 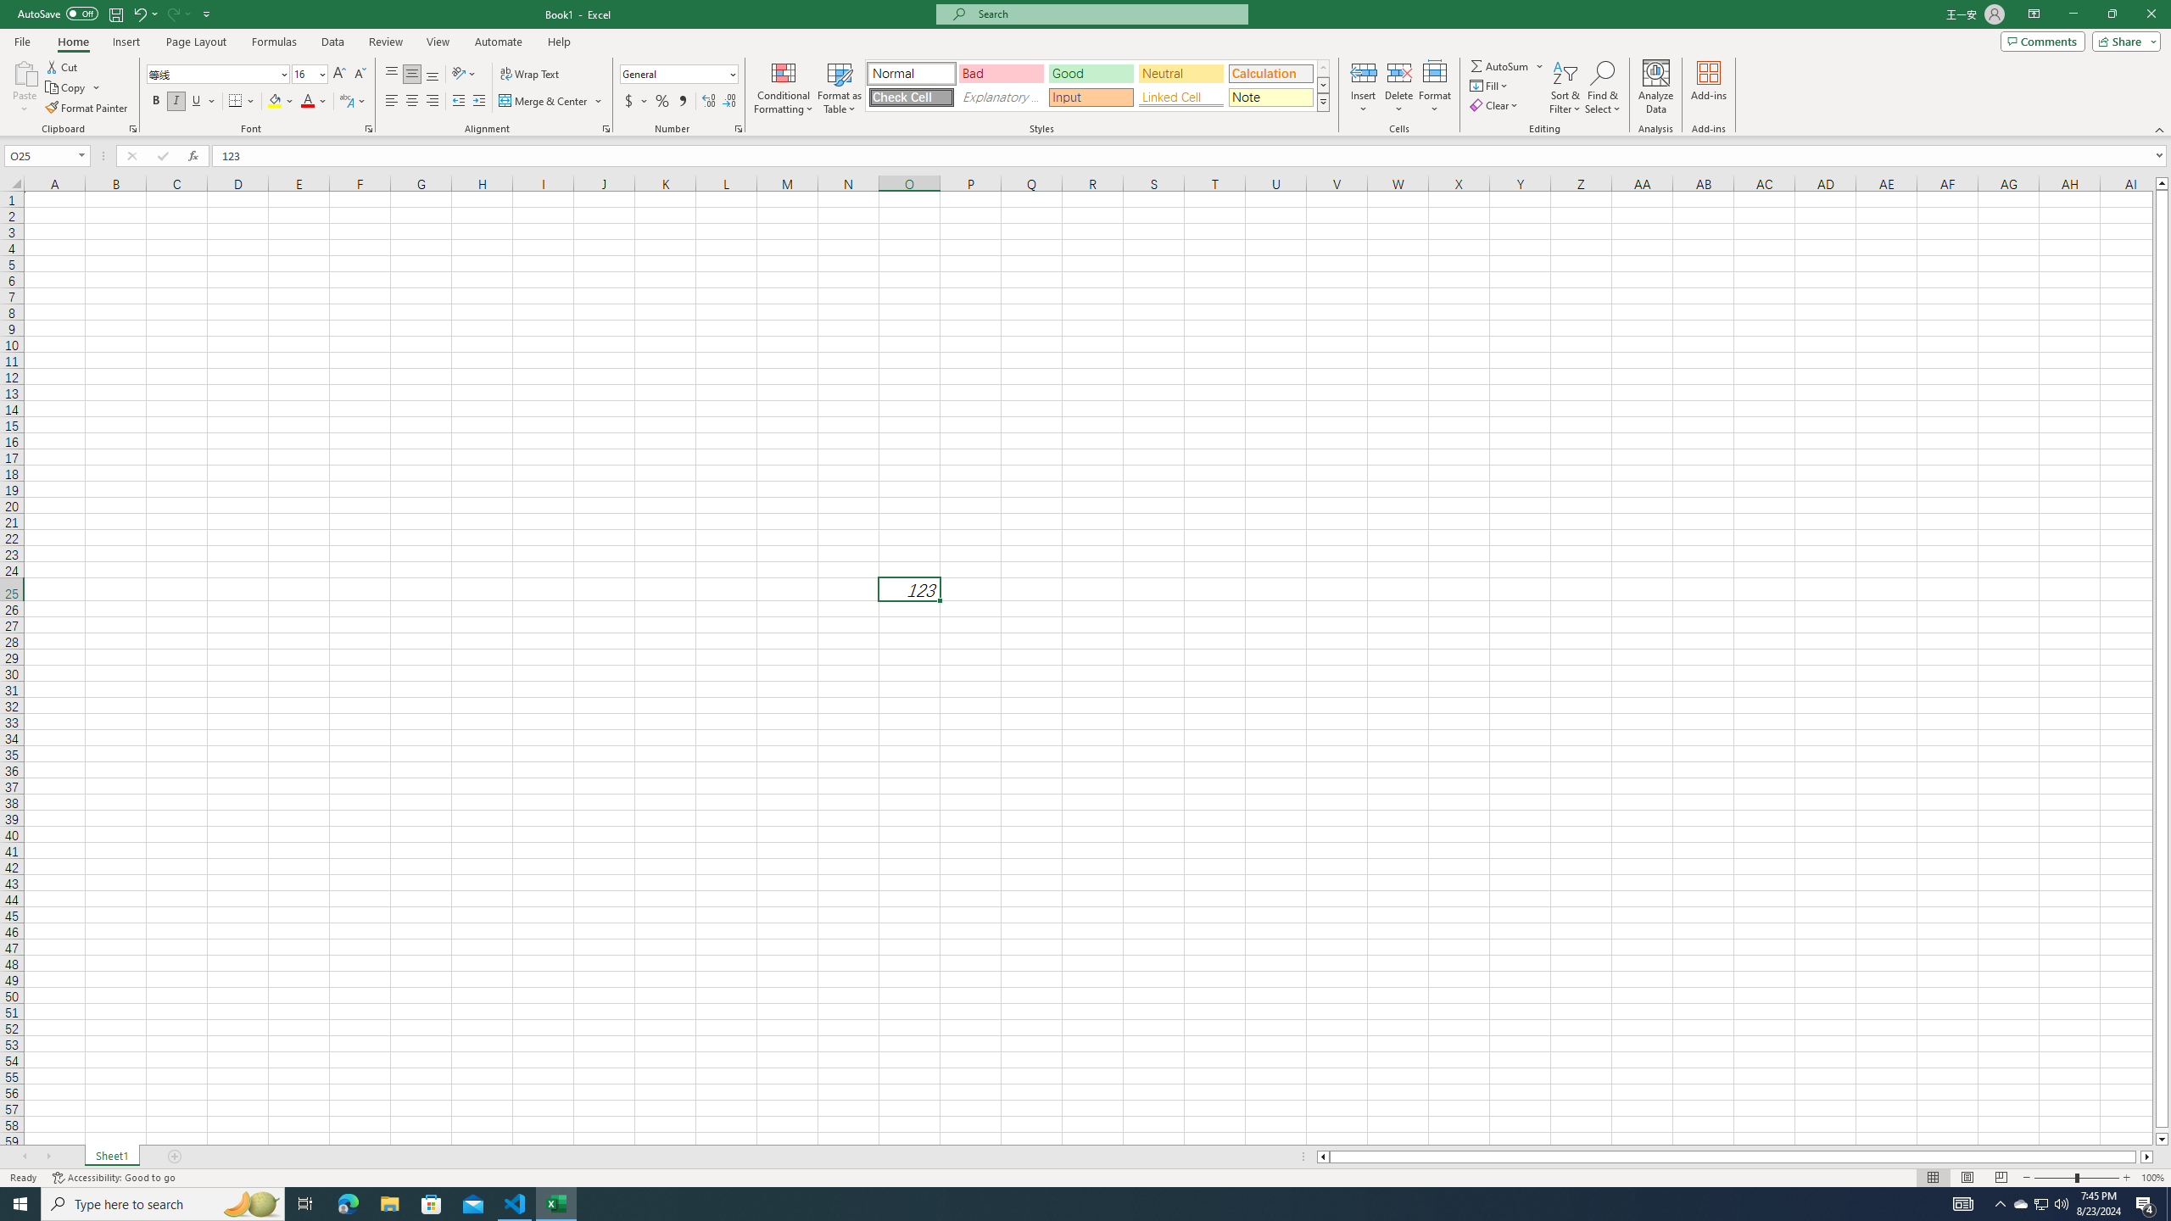 I want to click on 'Good', so click(x=1090, y=74).